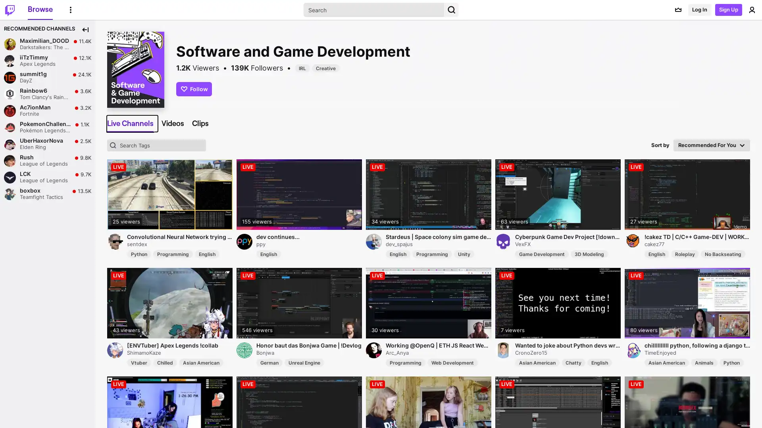 Image resolution: width=762 pixels, height=428 pixels. Describe the element at coordinates (85, 29) in the screenshot. I see `Collapse Side Nav` at that location.